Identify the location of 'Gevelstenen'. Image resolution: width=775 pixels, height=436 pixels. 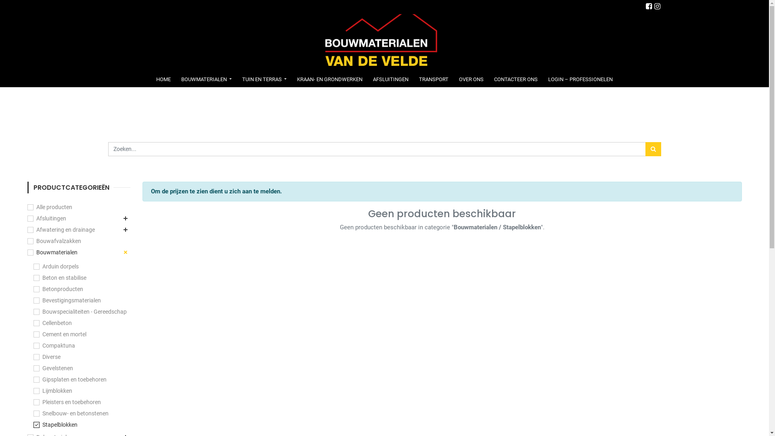
(32, 368).